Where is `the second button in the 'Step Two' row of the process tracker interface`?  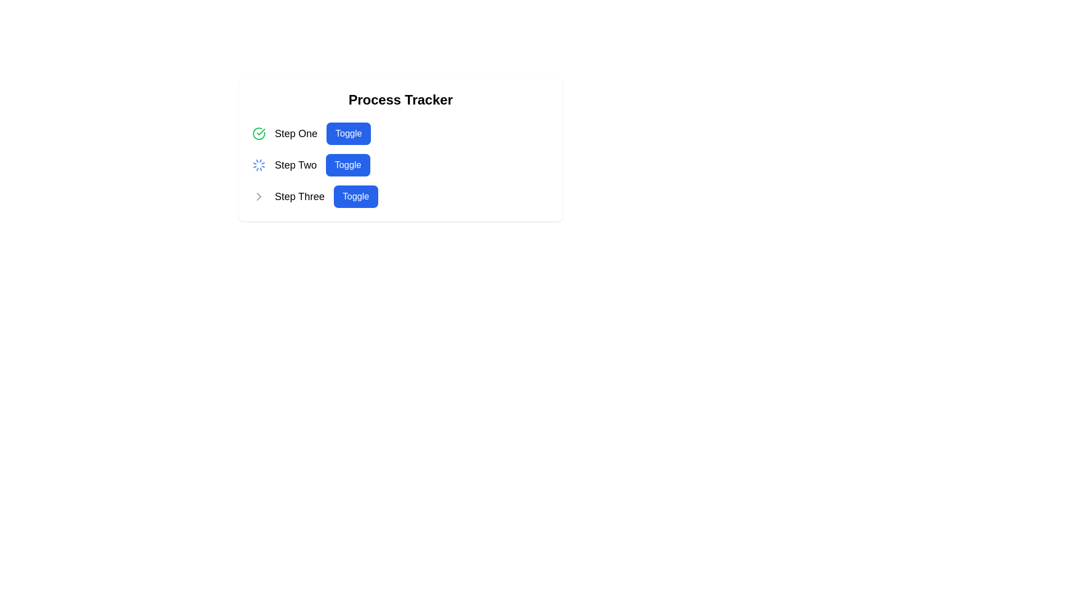
the second button in the 'Step Two' row of the process tracker interface is located at coordinates (347, 165).